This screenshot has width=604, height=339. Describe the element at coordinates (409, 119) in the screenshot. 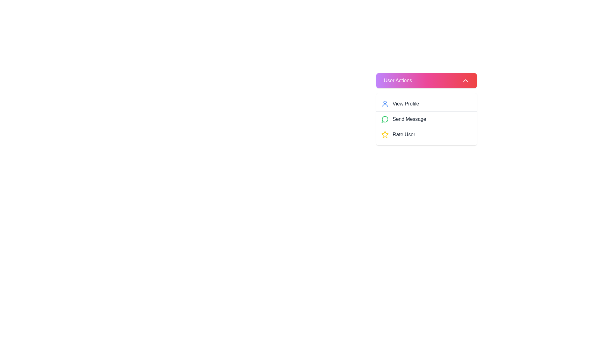

I see `the 'Send Message' text label, which is styled with medium font weight and a grayish tone, located in the 'User Actions' panel below 'View Profile' and above 'Rate User'` at that location.